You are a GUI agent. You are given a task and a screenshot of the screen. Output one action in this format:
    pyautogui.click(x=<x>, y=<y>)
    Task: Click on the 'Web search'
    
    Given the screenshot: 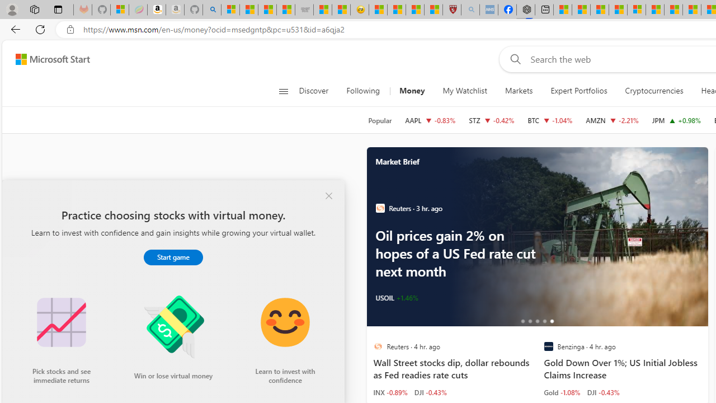 What is the action you would take?
    pyautogui.click(x=512, y=59)
    